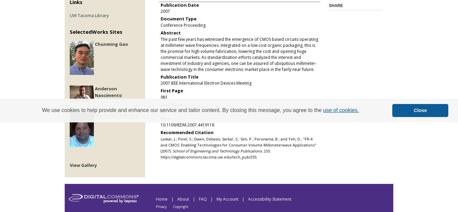 The image size is (458, 212). I want to click on 'DOI', so click(165, 118).